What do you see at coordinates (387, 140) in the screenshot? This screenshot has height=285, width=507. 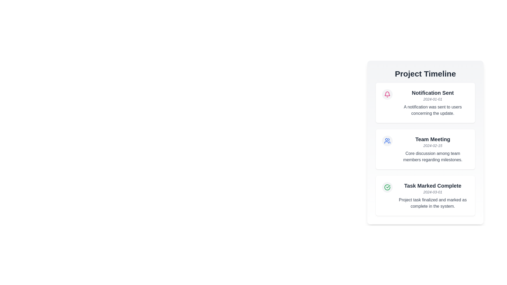 I see `the 'Team Meeting' icon, which is located on the upper-left side of the 'Team Meeting' card in the vertical list of event cards` at bounding box center [387, 140].